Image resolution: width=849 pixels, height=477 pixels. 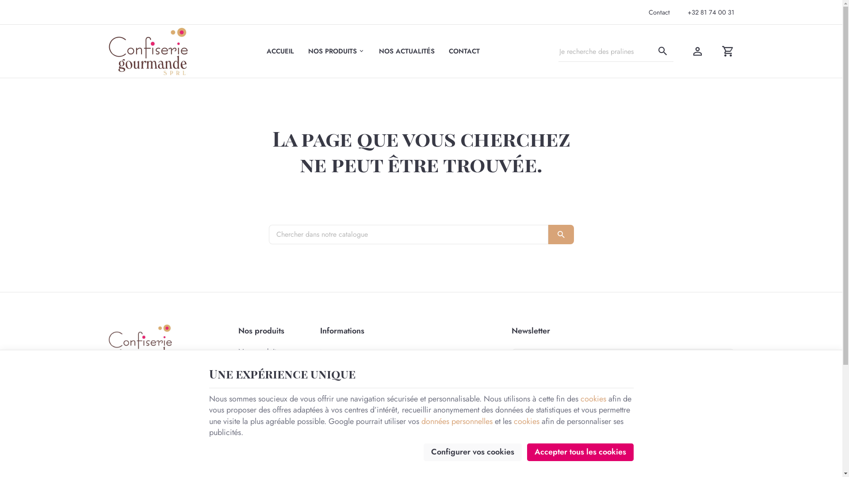 I want to click on 'Voir mon panier', so click(x=728, y=51).